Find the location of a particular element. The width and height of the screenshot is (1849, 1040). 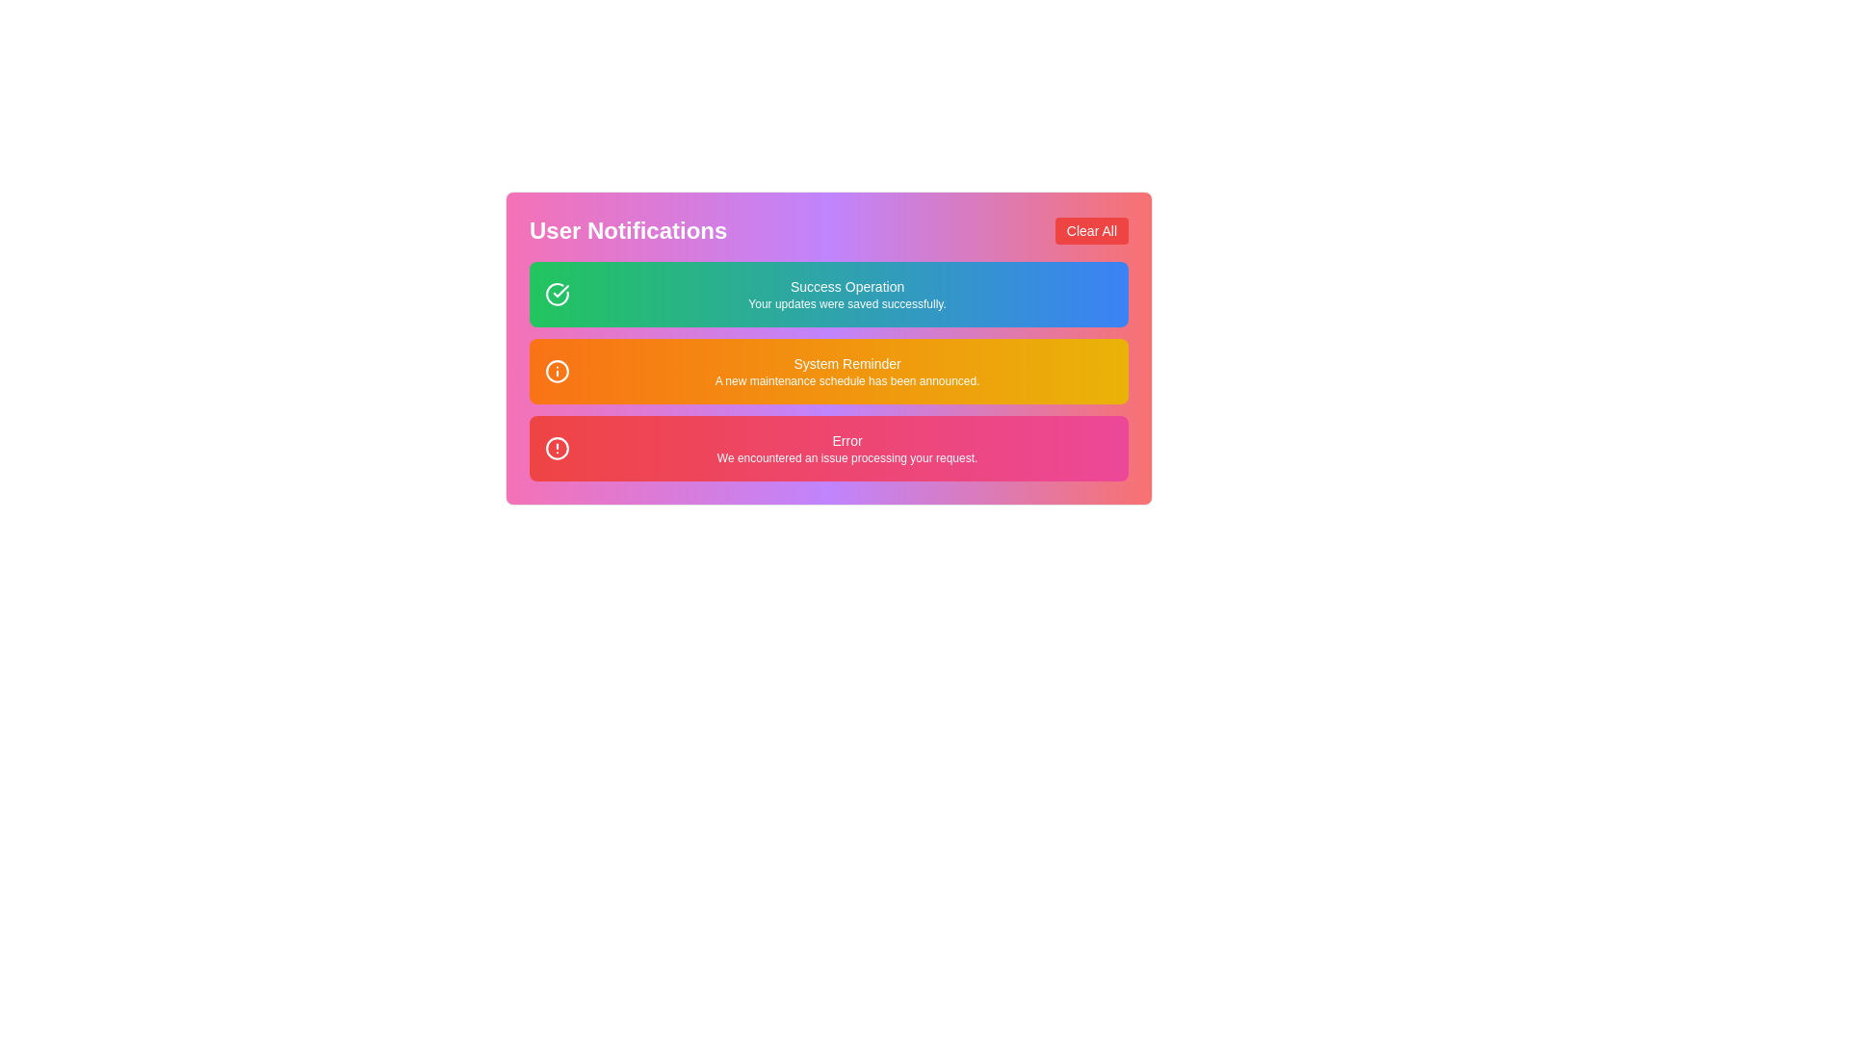

static text content that provides important information about the updated maintenance schedule, located in the orange-to-yellow gradient panel beneath the 'System Reminder' heading is located at coordinates (847, 381).